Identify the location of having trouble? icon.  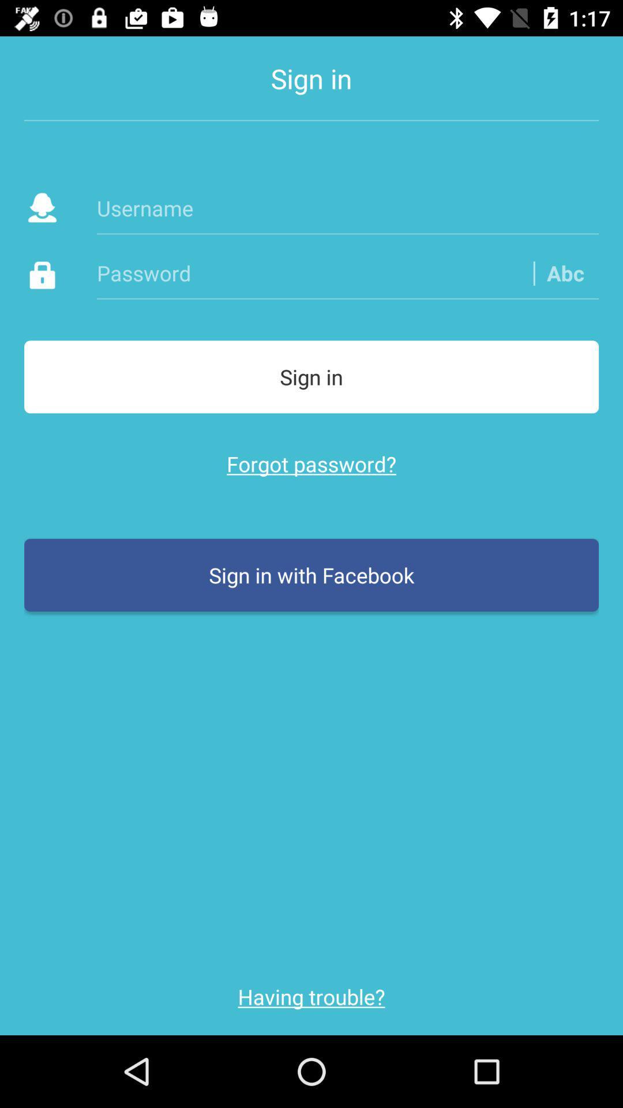
(311, 996).